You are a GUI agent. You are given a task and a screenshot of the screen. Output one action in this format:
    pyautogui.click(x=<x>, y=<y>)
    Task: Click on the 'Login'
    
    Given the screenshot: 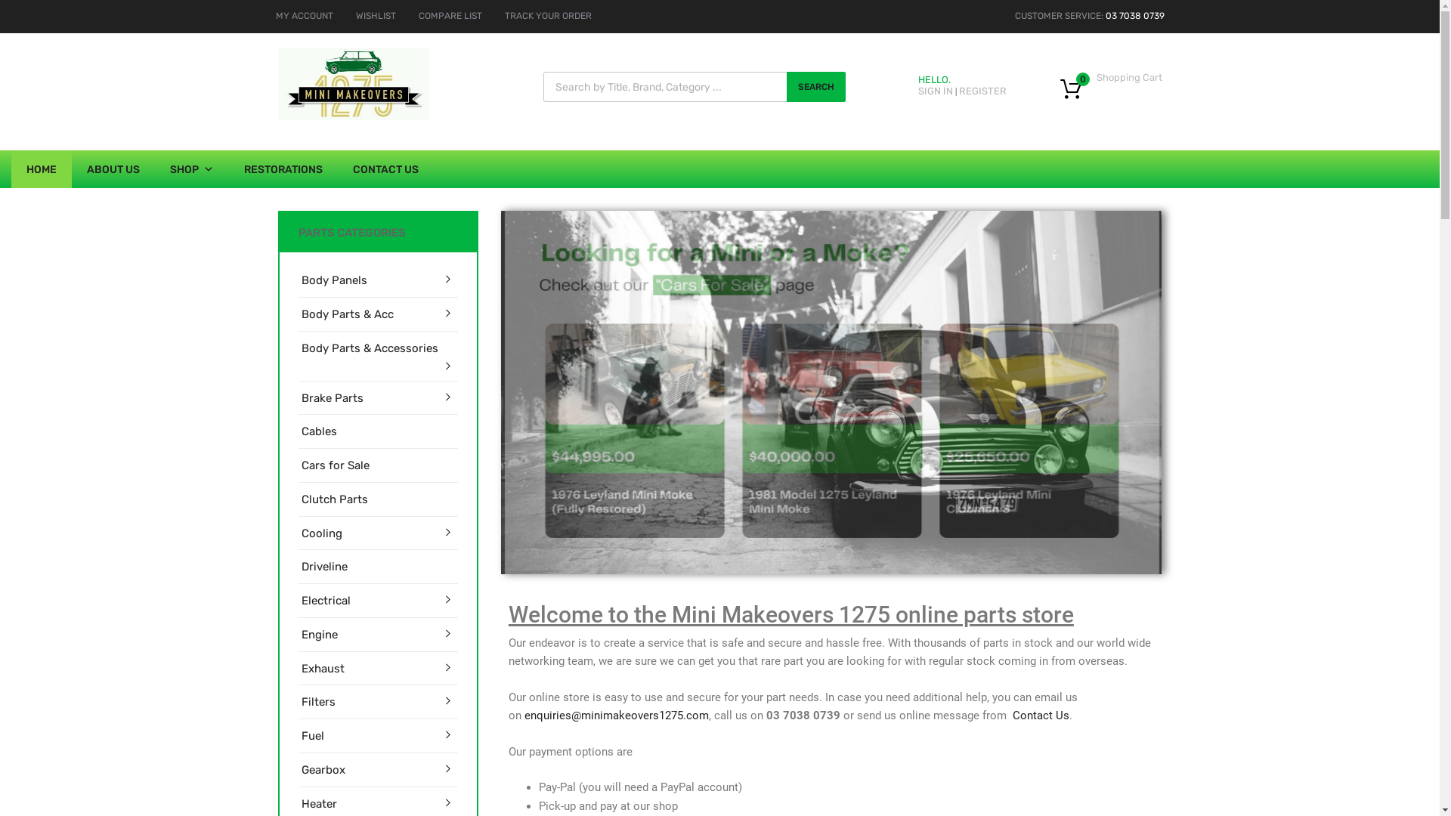 What is the action you would take?
    pyautogui.click(x=769, y=431)
    